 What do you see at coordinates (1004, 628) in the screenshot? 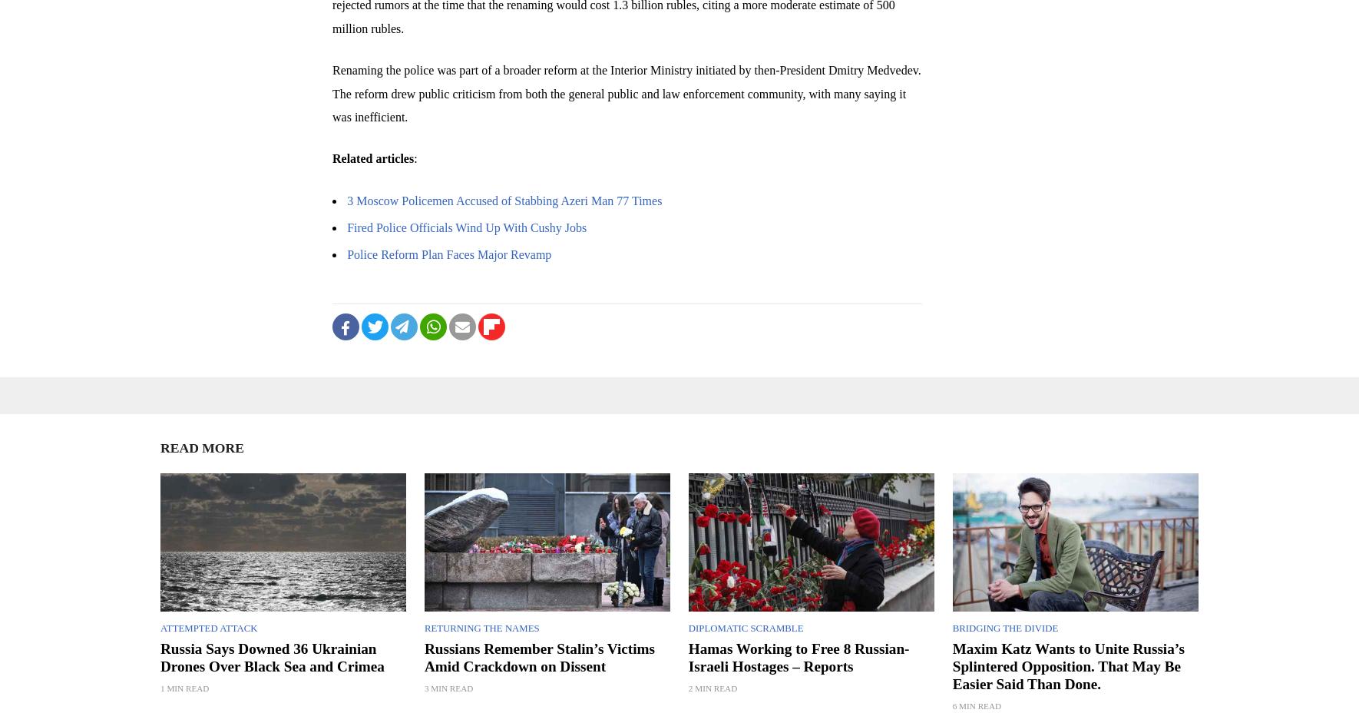
I see `'Bridging the divide'` at bounding box center [1004, 628].